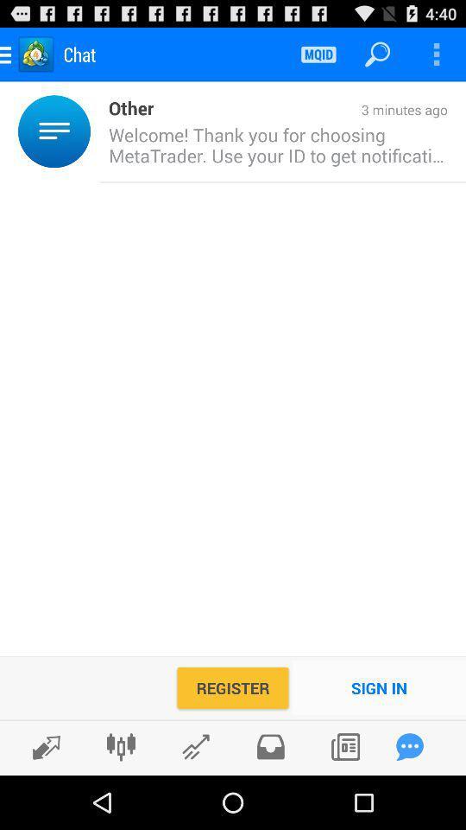 The image size is (466, 830). What do you see at coordinates (409, 746) in the screenshot?
I see `leave a comment` at bounding box center [409, 746].